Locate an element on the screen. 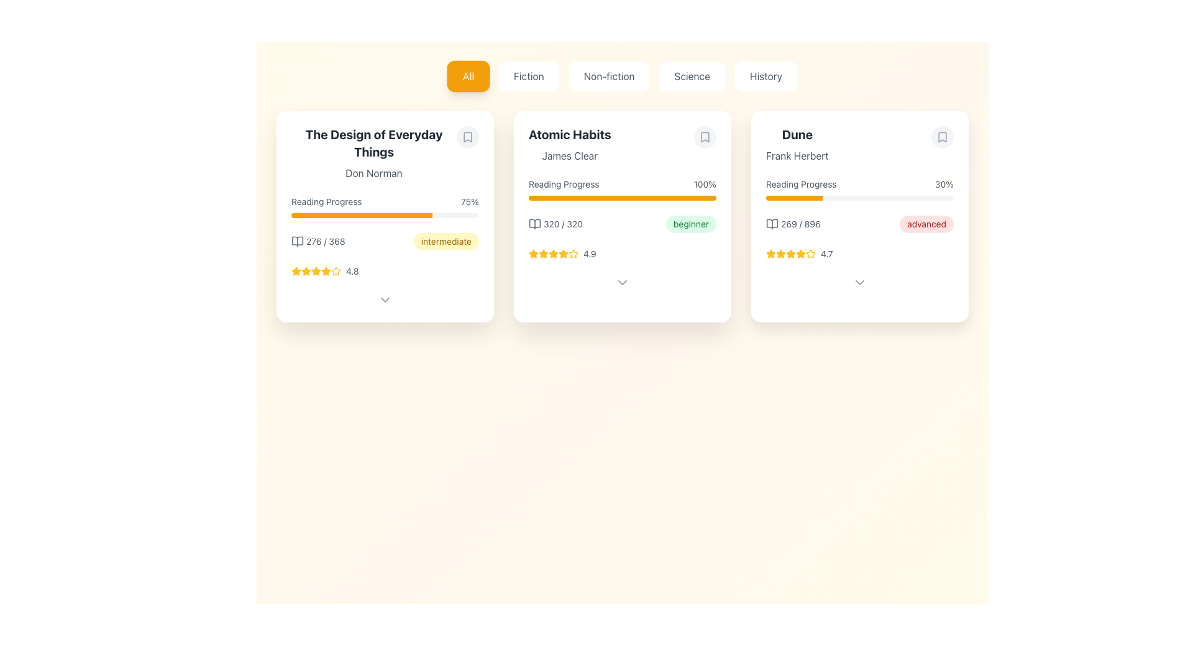 The height and width of the screenshot is (671, 1193). the reading progress is located at coordinates (791, 198).